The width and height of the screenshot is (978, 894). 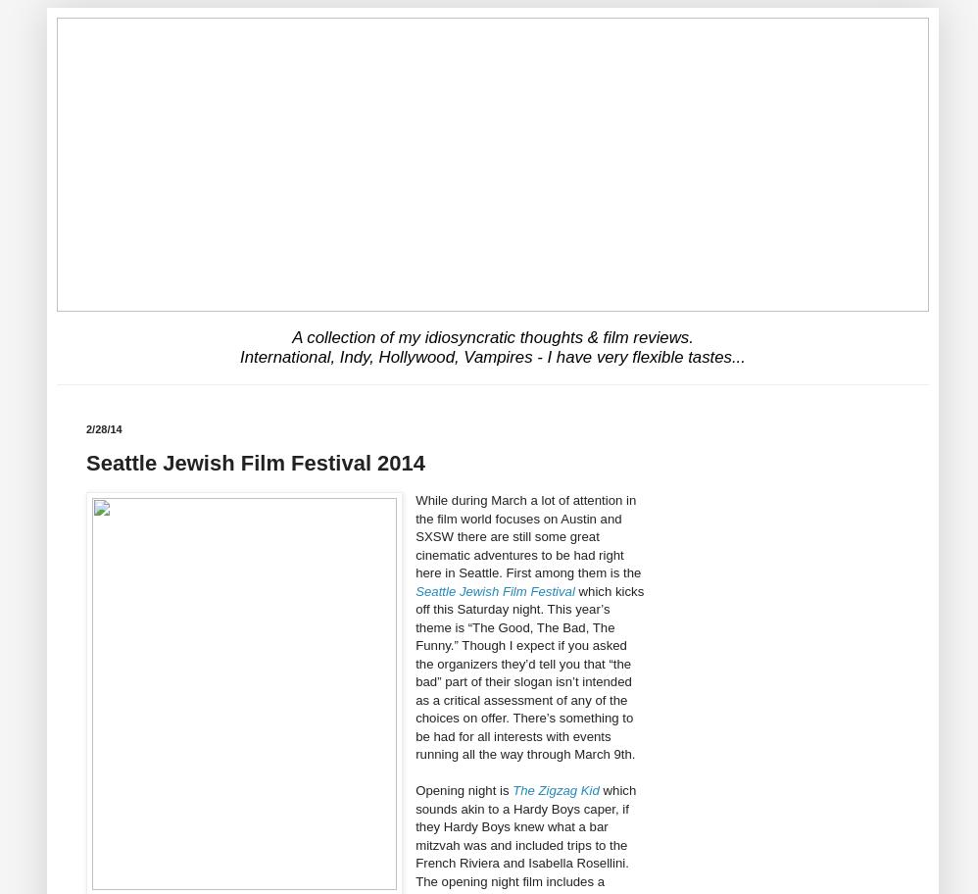 What do you see at coordinates (415, 536) in the screenshot?
I see `'While during March a lot of attention in the film world focuses on Austin and SXSW there are still some great cinematic adventures to be had right here in Seattle. First among them is the'` at bounding box center [415, 536].